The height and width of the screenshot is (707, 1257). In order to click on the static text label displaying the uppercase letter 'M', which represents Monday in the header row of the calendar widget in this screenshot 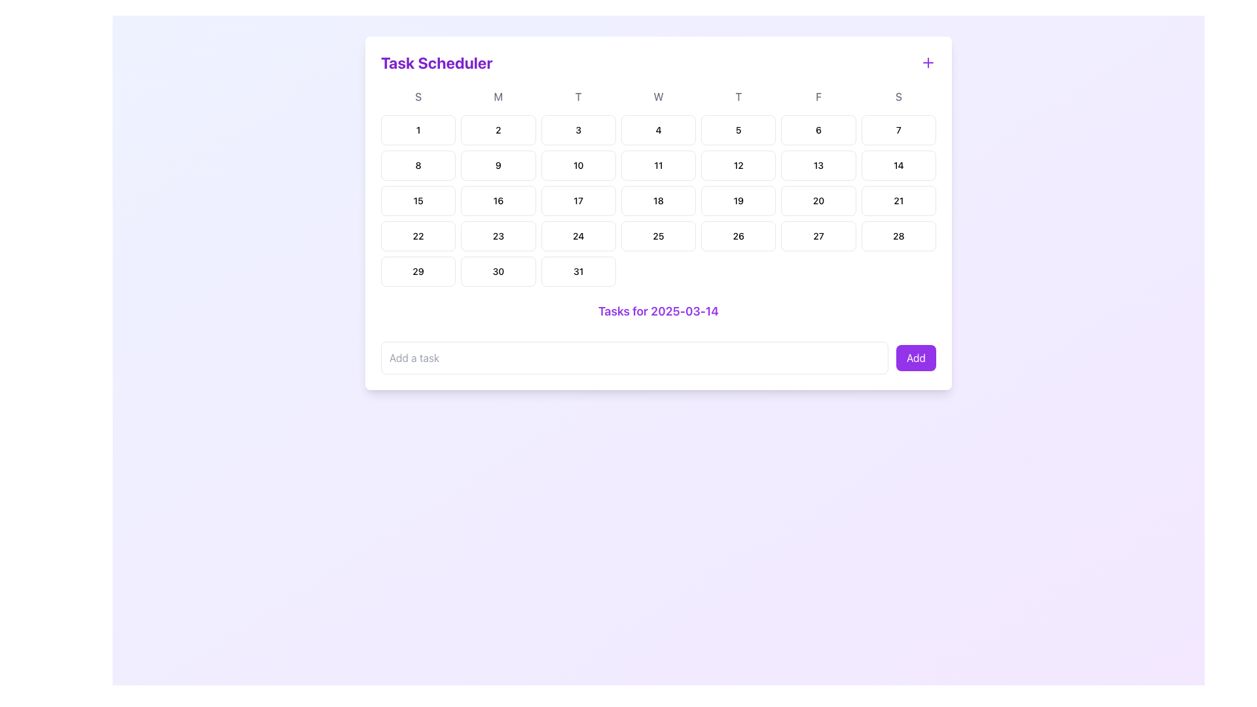, I will do `click(498, 96)`.